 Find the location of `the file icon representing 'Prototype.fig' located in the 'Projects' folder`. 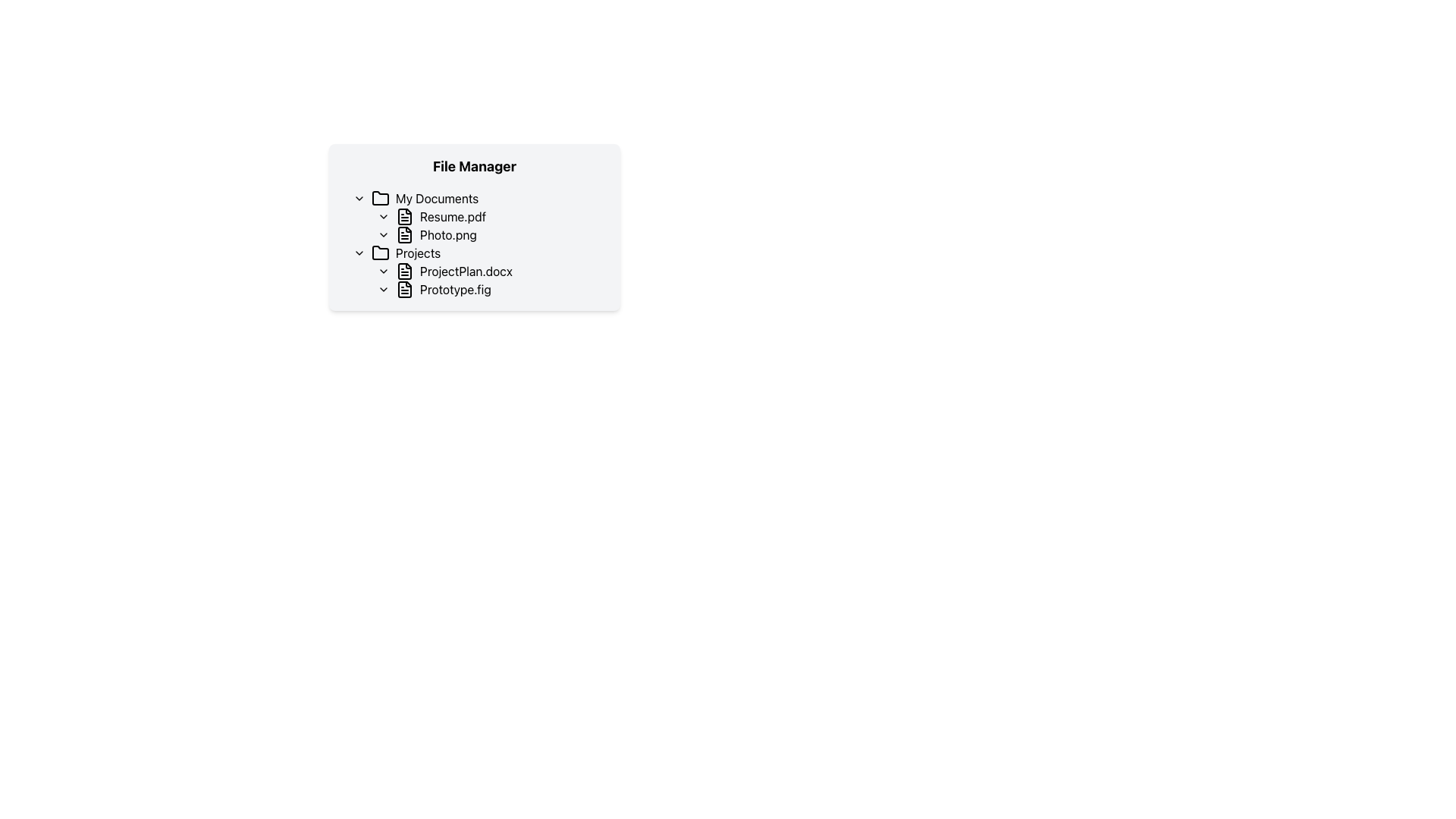

the file icon representing 'Prototype.fig' located in the 'Projects' folder is located at coordinates (404, 289).